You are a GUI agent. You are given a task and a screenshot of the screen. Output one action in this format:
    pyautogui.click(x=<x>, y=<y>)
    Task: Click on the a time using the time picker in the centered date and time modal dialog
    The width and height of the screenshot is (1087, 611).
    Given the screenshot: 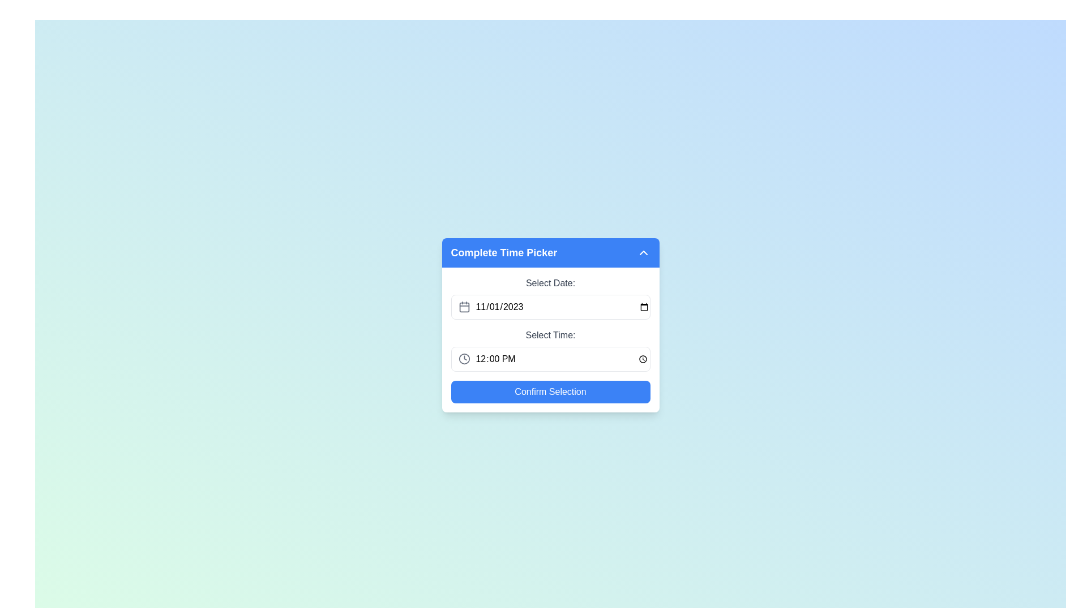 What is the action you would take?
    pyautogui.click(x=550, y=325)
    